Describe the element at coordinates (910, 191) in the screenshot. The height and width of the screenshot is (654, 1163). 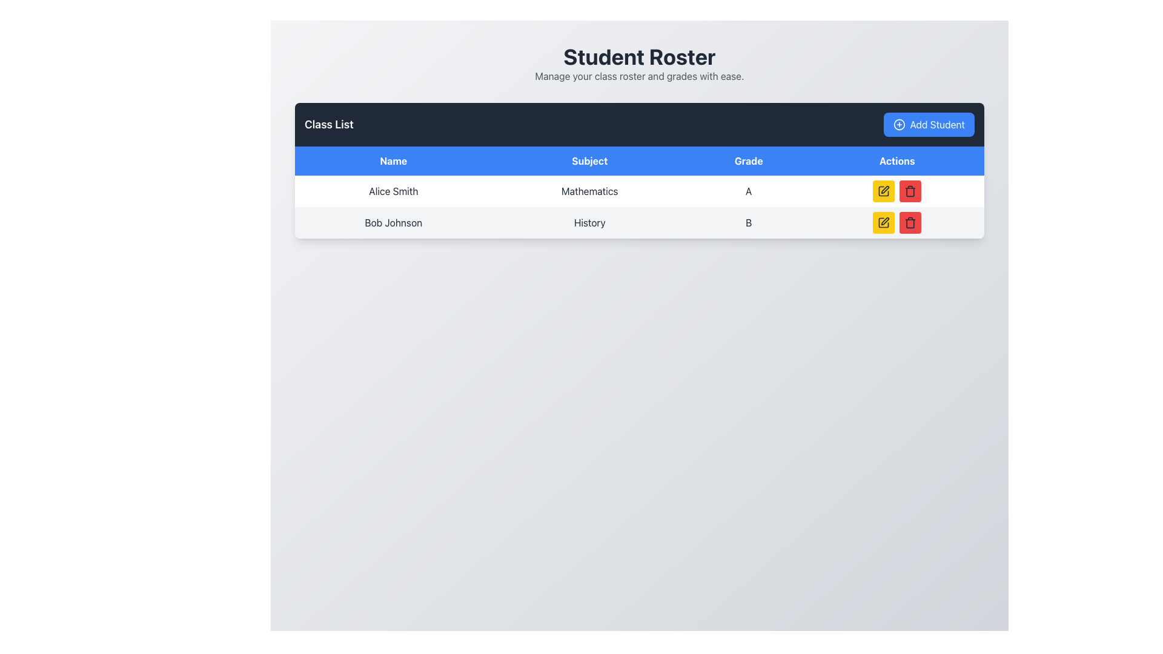
I see `the red rounded rectangle button with a trashcan icon in the bottom row of the table under the 'Actions' column` at that location.